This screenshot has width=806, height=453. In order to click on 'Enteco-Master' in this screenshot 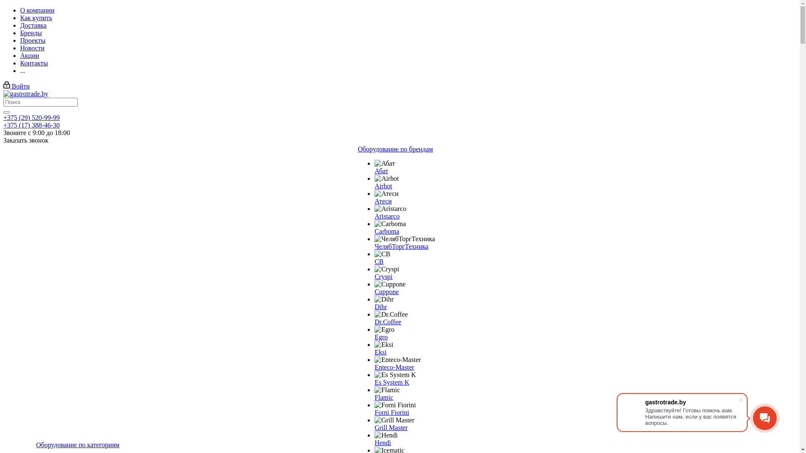, I will do `click(374, 359)`.